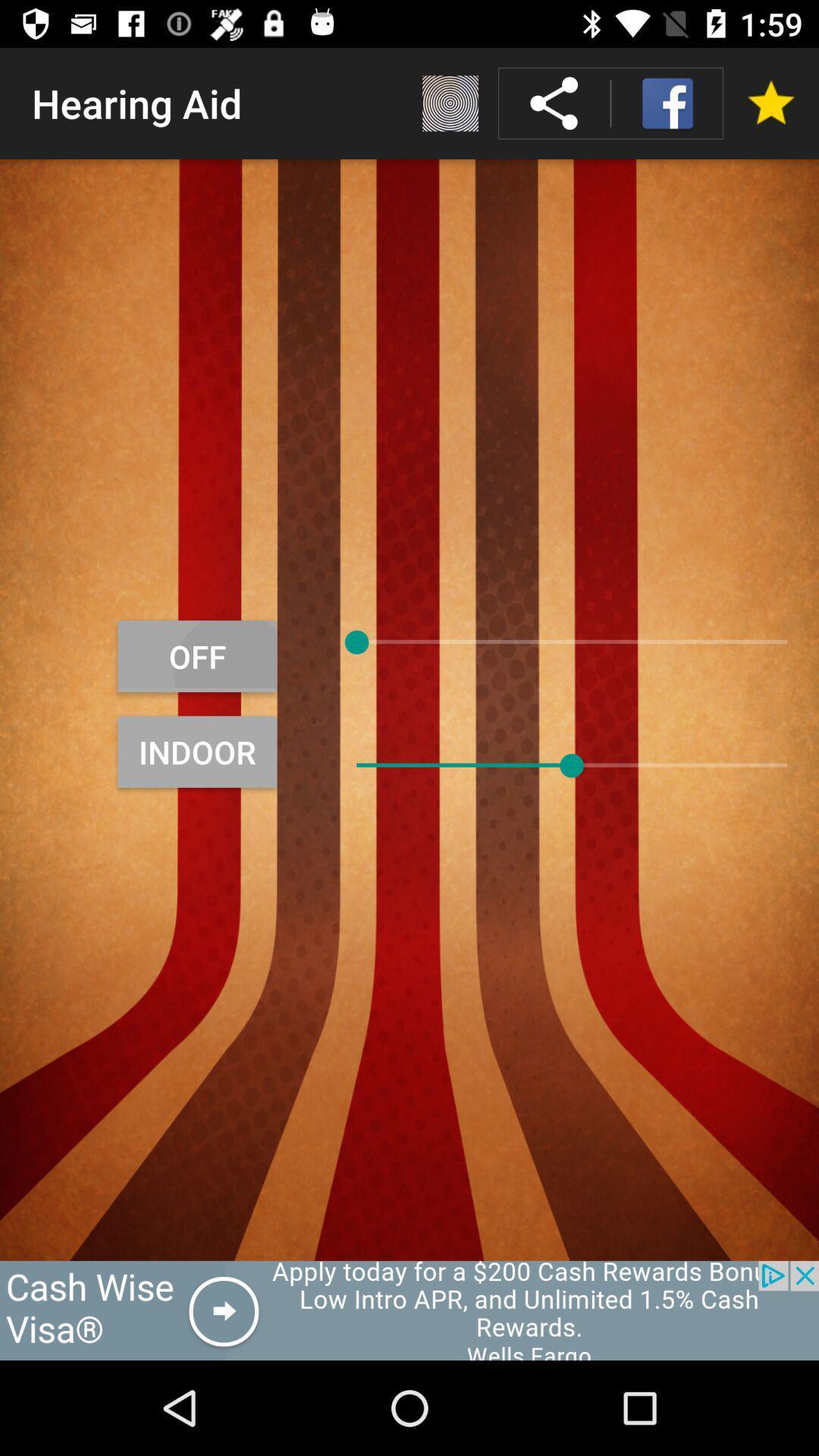 This screenshot has width=819, height=1456. I want to click on advertisement page, so click(409, 1310).